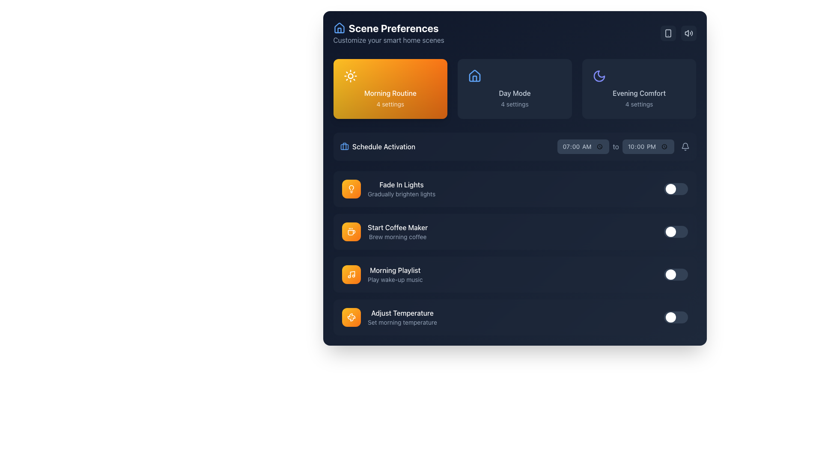 The width and height of the screenshot is (822, 462). What do you see at coordinates (639, 89) in the screenshot?
I see `the third interactive button related to 'Evening Comfort'` at bounding box center [639, 89].